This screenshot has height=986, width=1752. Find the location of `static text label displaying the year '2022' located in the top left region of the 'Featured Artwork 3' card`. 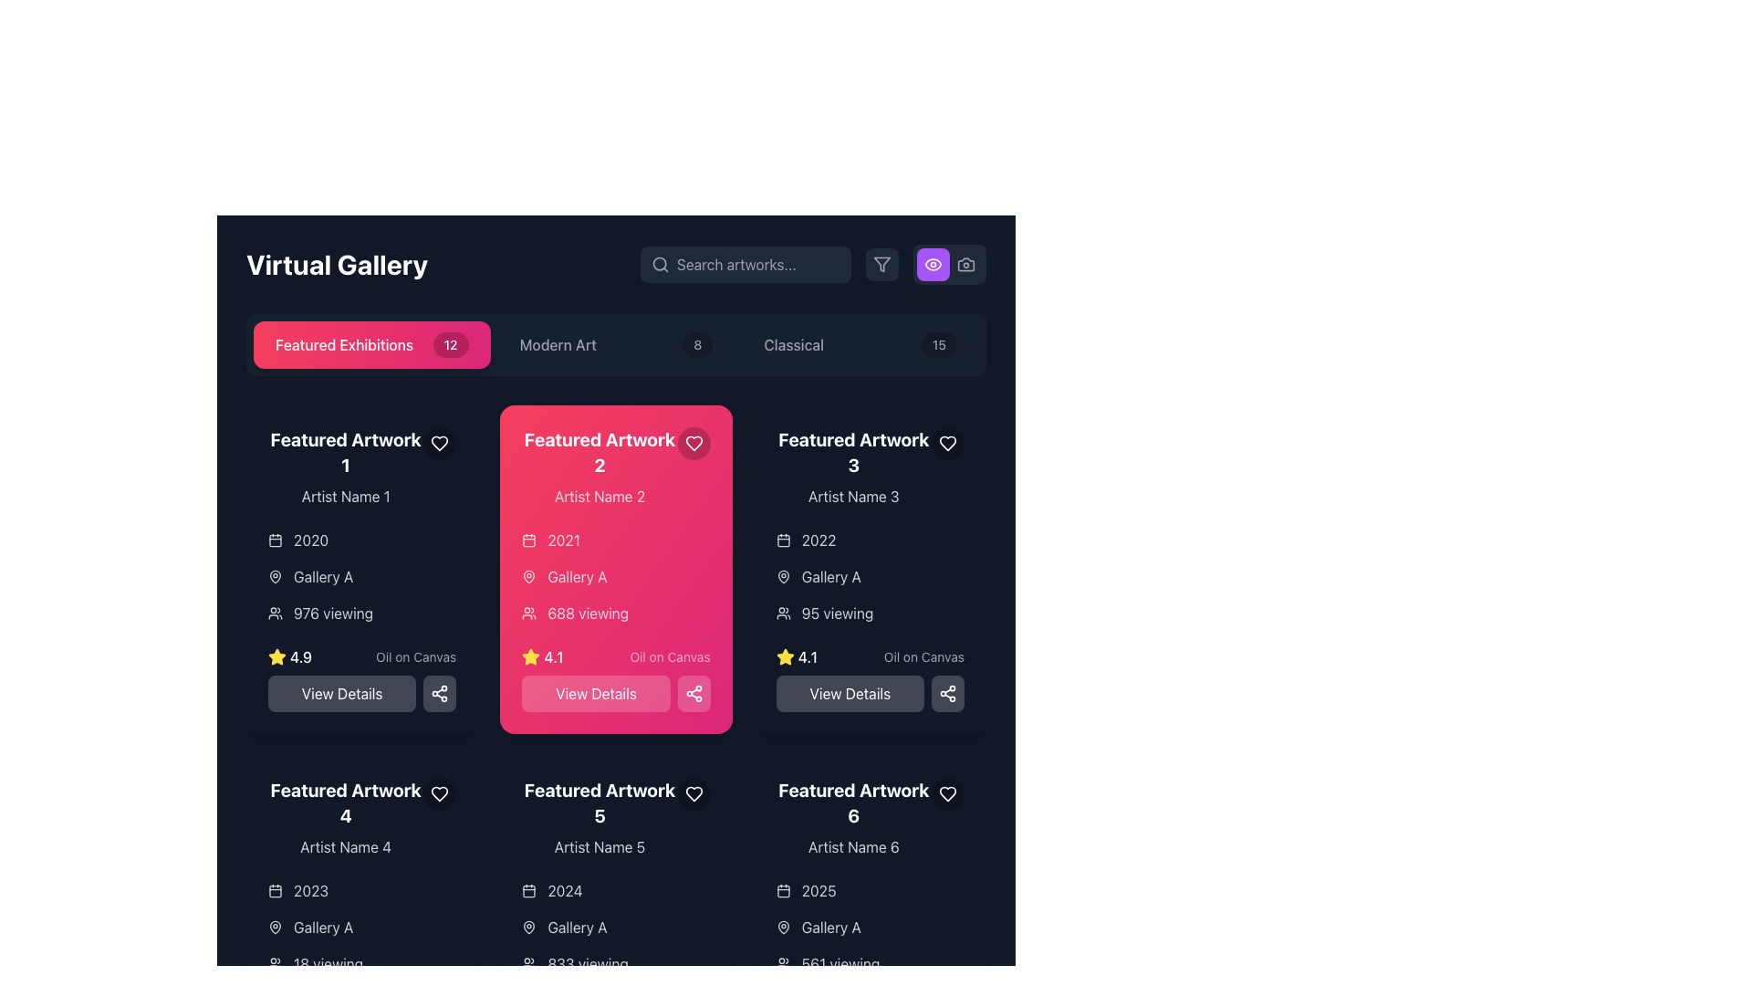

static text label displaying the year '2022' located in the top left region of the 'Featured Artwork 3' card is located at coordinates (818, 539).